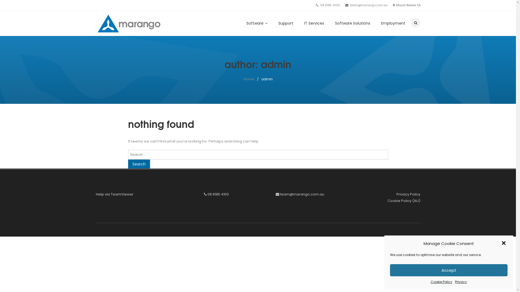 The image size is (520, 292). What do you see at coordinates (257, 23) in the screenshot?
I see `'Software'` at bounding box center [257, 23].